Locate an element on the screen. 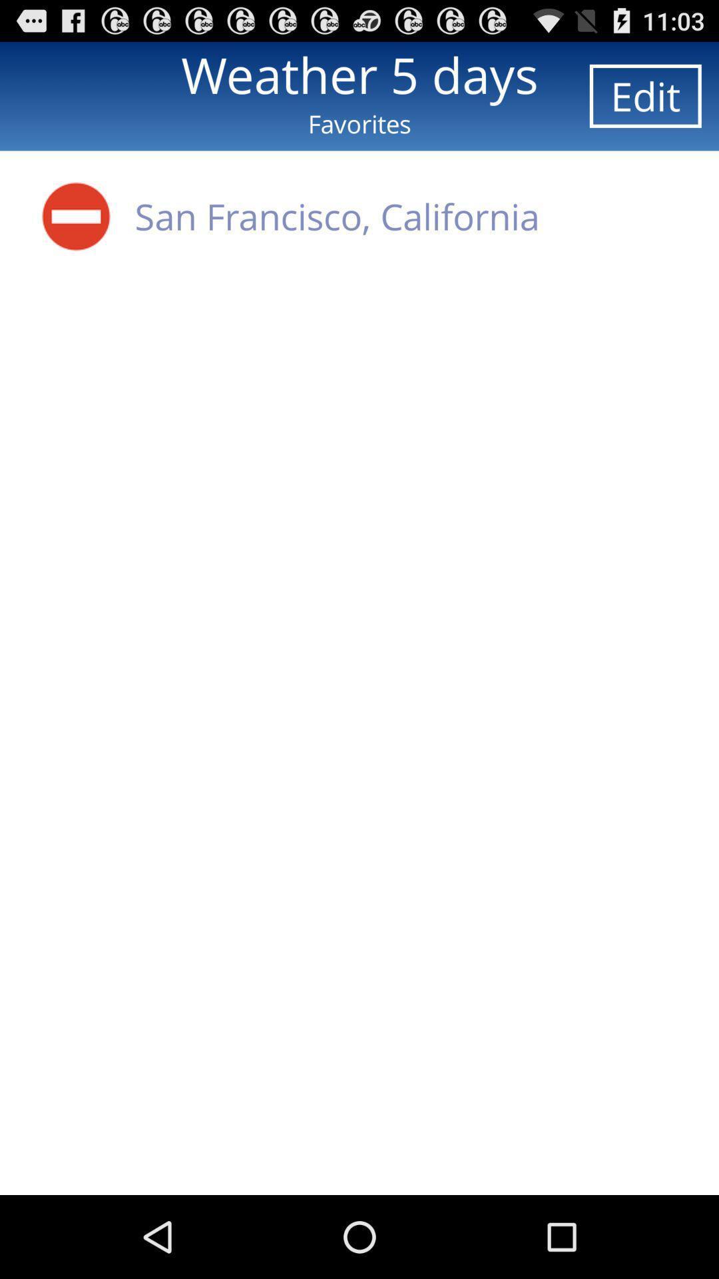 This screenshot has width=719, height=1279. the app to the left of san francisco, california icon is located at coordinates (76, 216).